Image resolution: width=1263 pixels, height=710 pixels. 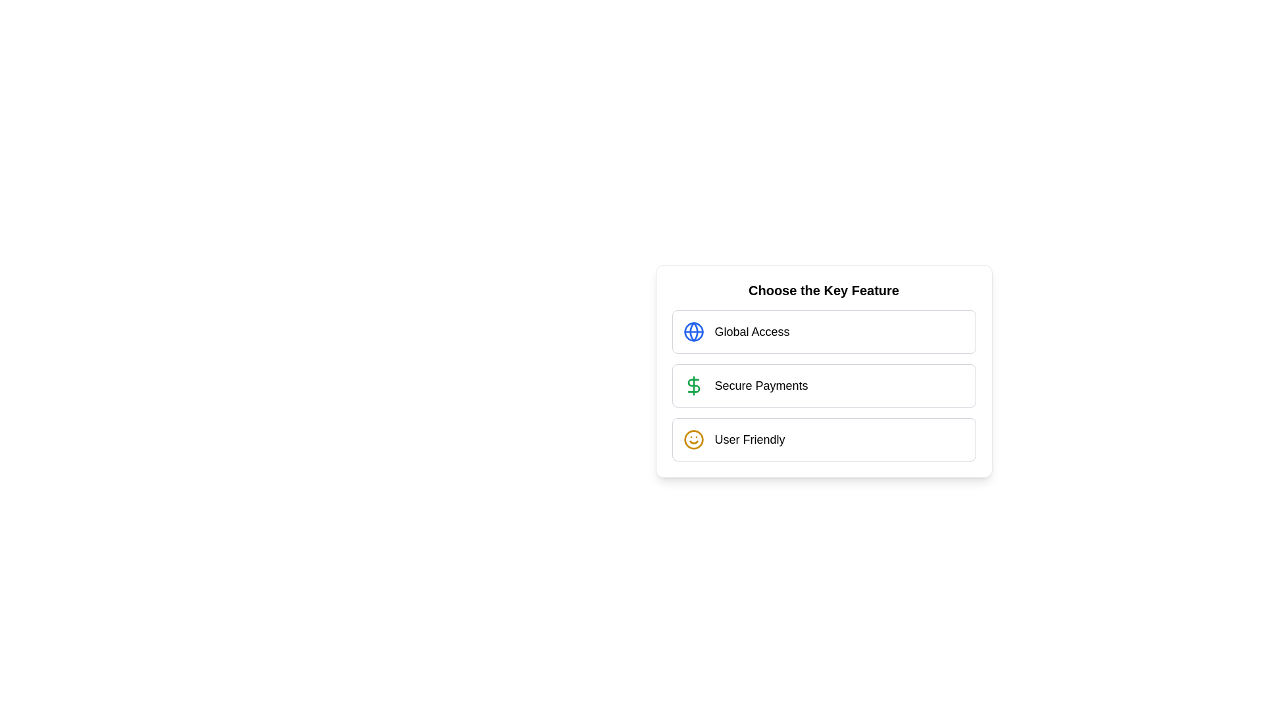 I want to click on the circular vector graphic element within the globe icon, which is located to the left of the 'Global Access' feature label, so click(x=693, y=331).